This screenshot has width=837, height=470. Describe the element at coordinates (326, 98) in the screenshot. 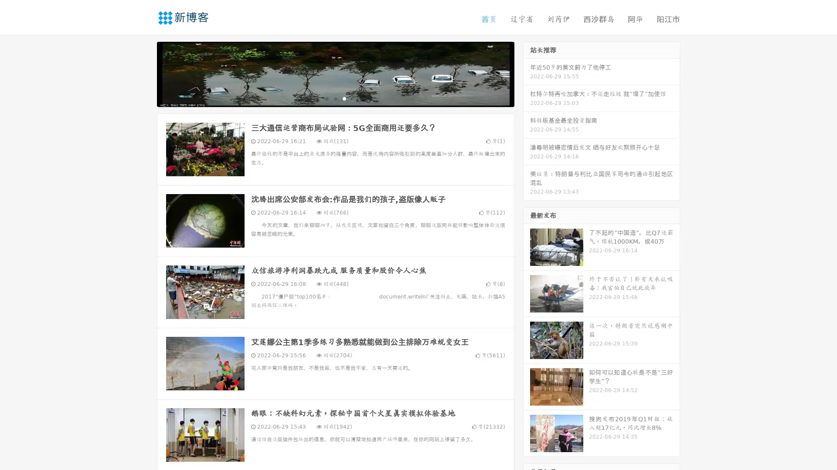

I see `Go to slide 1` at that location.